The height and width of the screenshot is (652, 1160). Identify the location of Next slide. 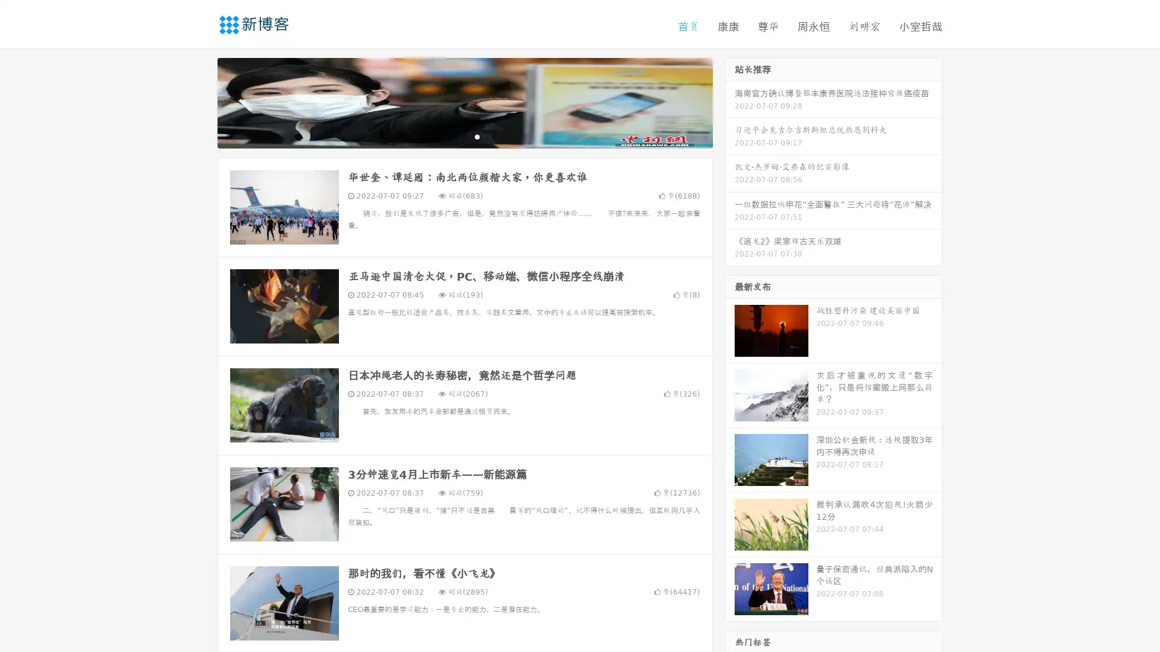
(730, 101).